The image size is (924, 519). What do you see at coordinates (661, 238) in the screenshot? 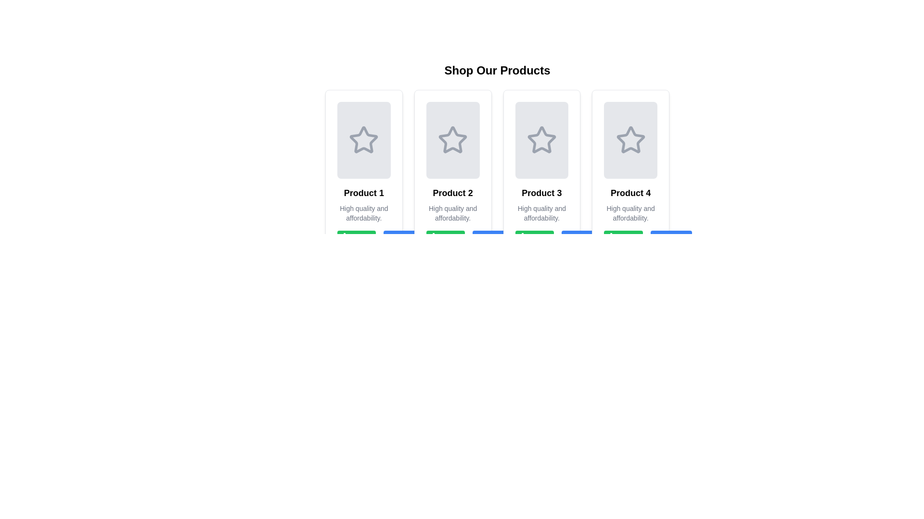
I see `the 'View' button, which contains the icon representing the 'View' action, located below the fourth product card in the interface` at bounding box center [661, 238].